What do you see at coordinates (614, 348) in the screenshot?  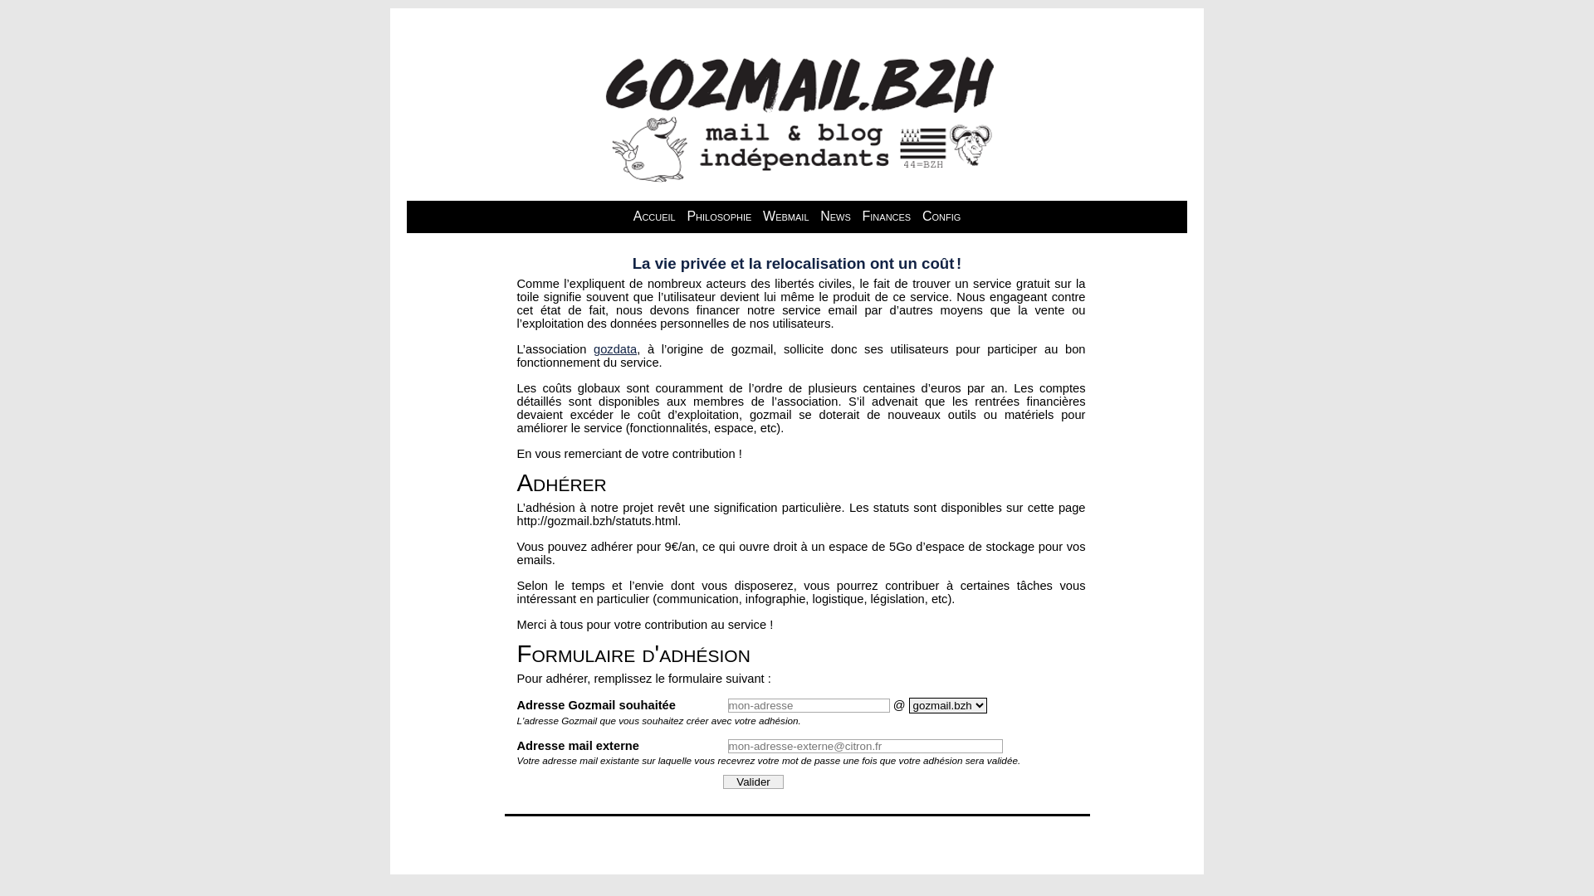 I see `'gozdata'` at bounding box center [614, 348].